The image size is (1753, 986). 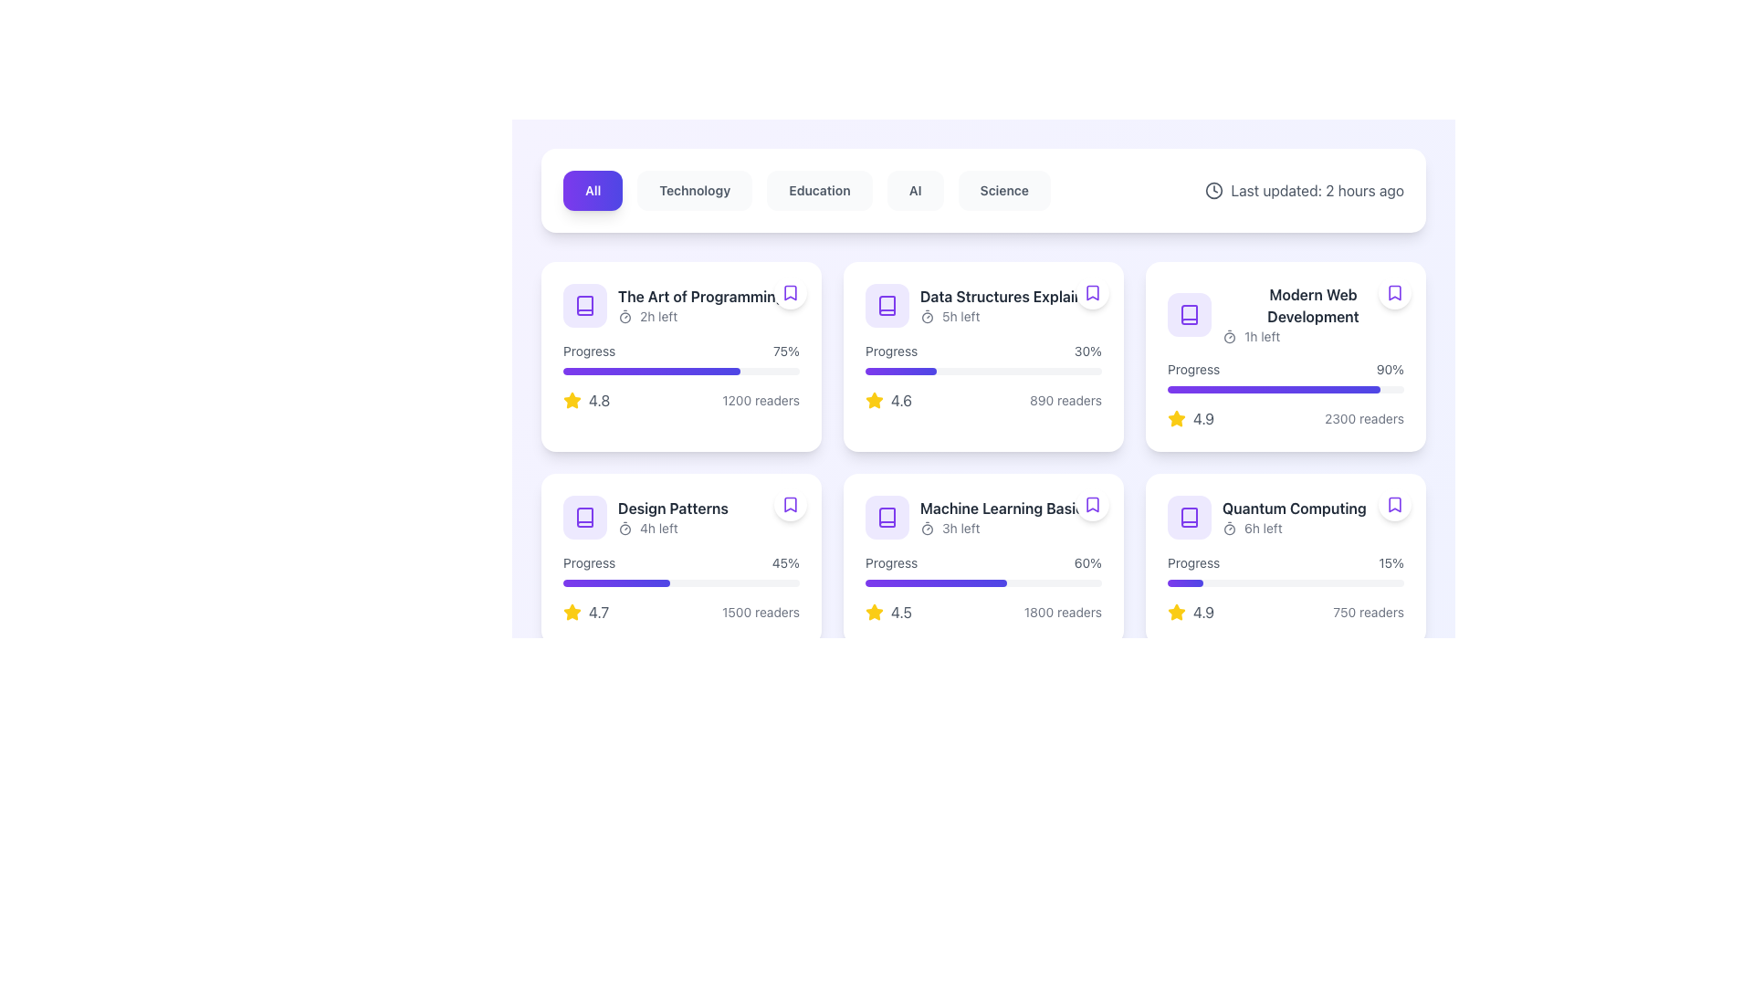 What do you see at coordinates (1230, 528) in the screenshot?
I see `the small circular timer icon located next to the text '6h left' within the 'Quantum Computing' item card` at bounding box center [1230, 528].